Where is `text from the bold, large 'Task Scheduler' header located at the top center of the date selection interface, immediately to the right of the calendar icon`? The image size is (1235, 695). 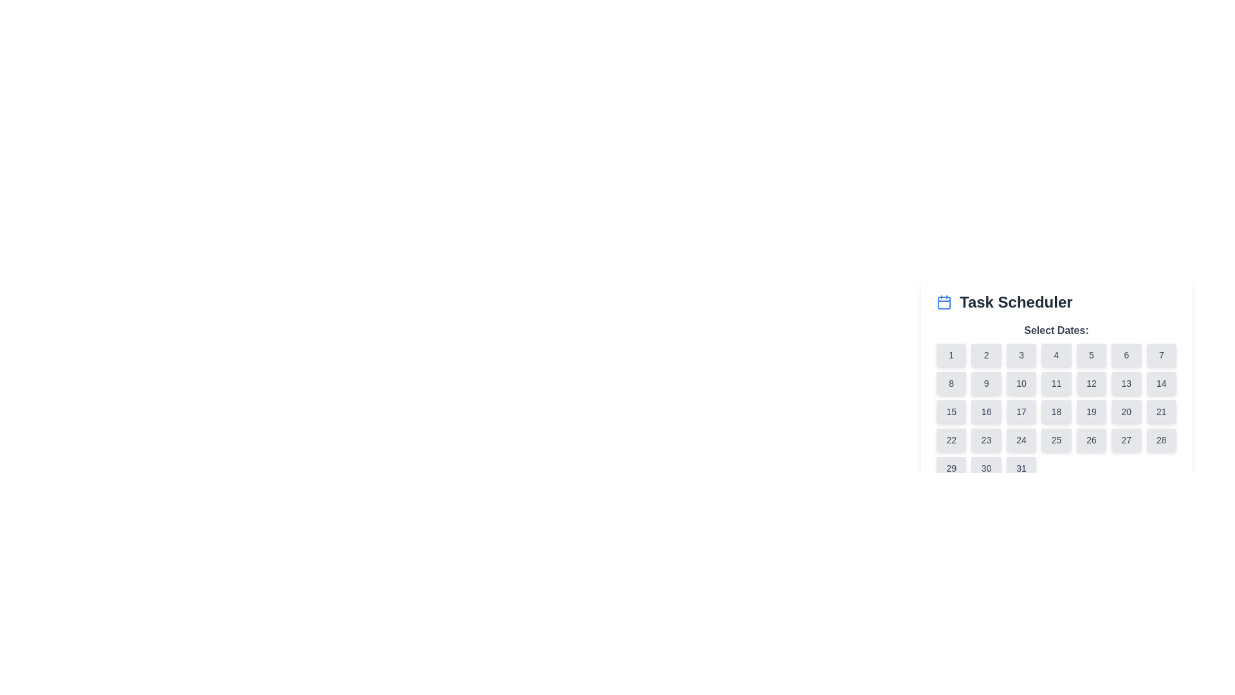 text from the bold, large 'Task Scheduler' header located at the top center of the date selection interface, immediately to the right of the calendar icon is located at coordinates (1015, 302).